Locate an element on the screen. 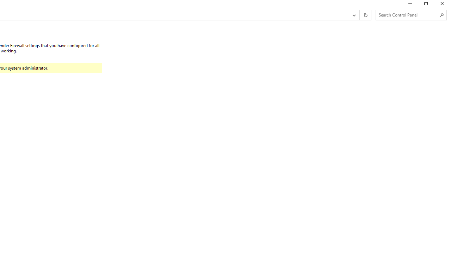 Image resolution: width=451 pixels, height=253 pixels. 'Search' is located at coordinates (441, 15).